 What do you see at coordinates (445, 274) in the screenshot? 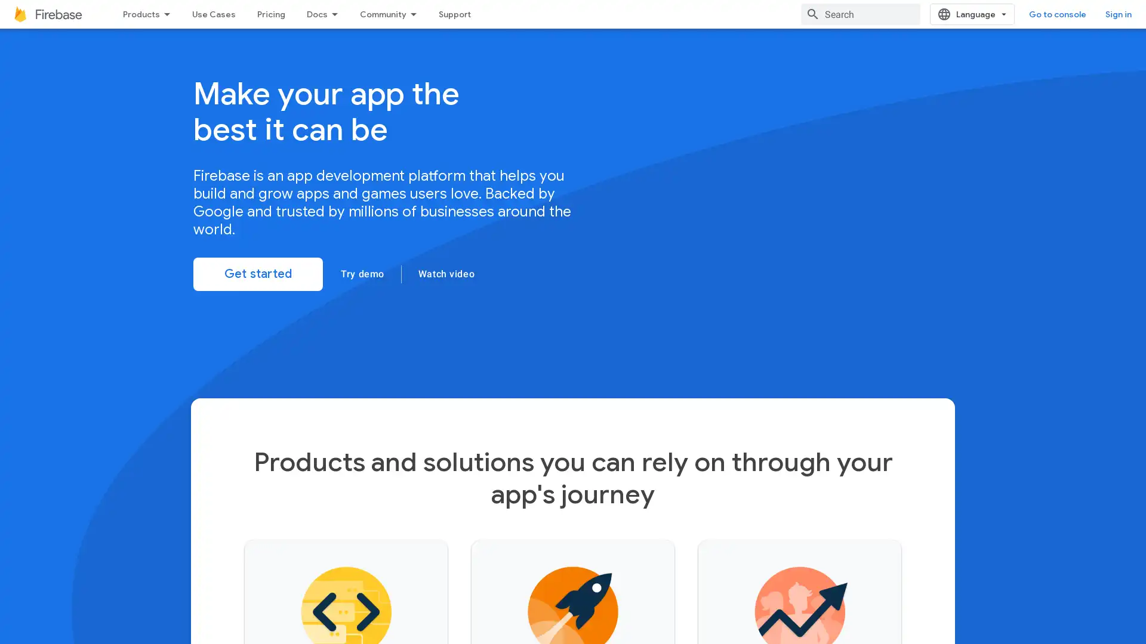
I see `Watch video` at bounding box center [445, 274].